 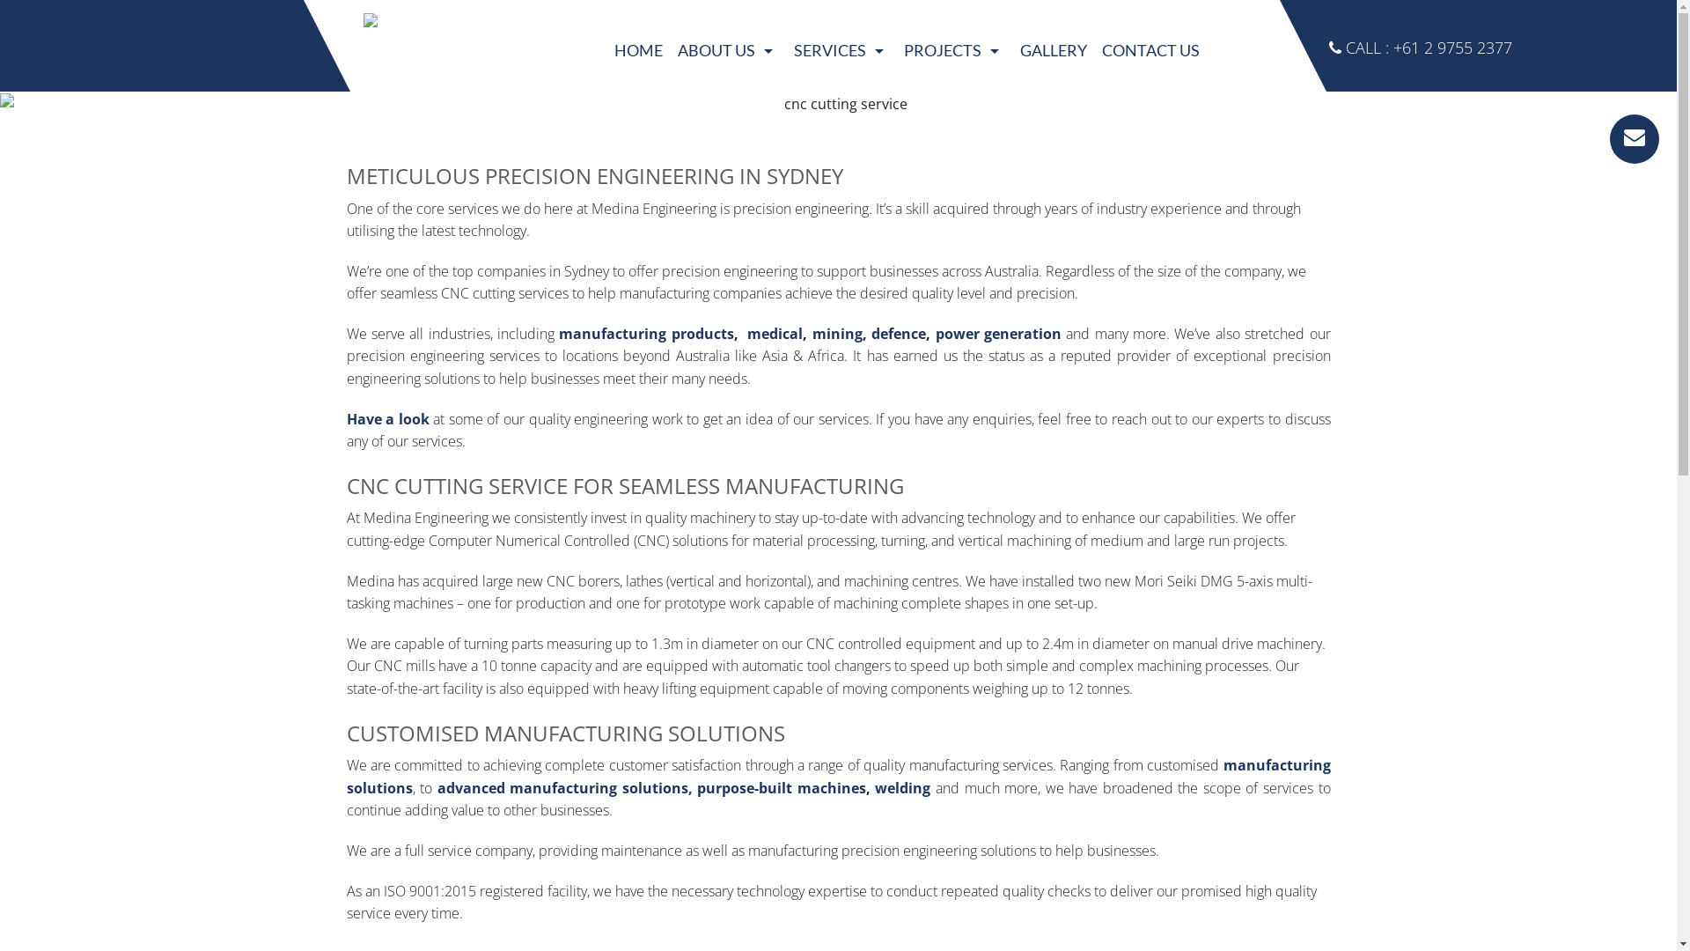 What do you see at coordinates (784, 301) in the screenshot?
I see `'VIBRATION STRESS RELIEVING'` at bounding box center [784, 301].